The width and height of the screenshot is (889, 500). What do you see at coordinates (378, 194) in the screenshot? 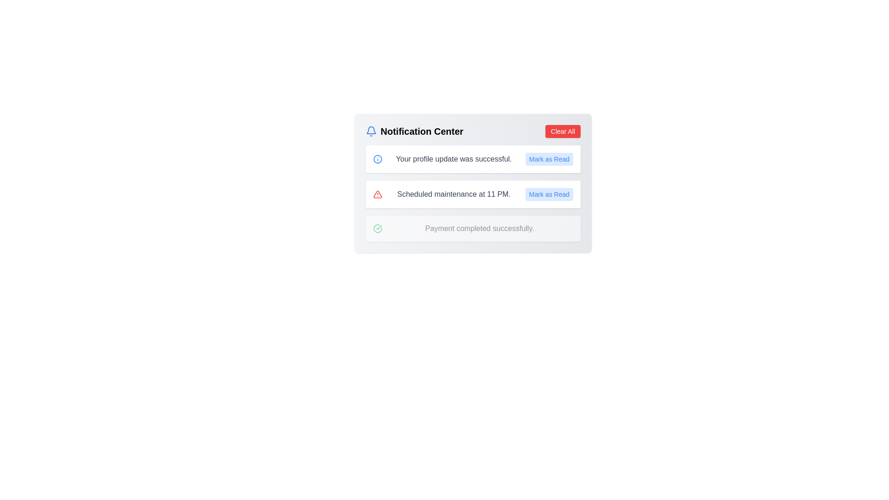
I see `the alert icon indicating scheduled maintenance, which is positioned to the left of the text 'Scheduled maintenance at 11 PM.' and above the blue 'Mark as Read' button in the second notification card of the Notification Center` at bounding box center [378, 194].